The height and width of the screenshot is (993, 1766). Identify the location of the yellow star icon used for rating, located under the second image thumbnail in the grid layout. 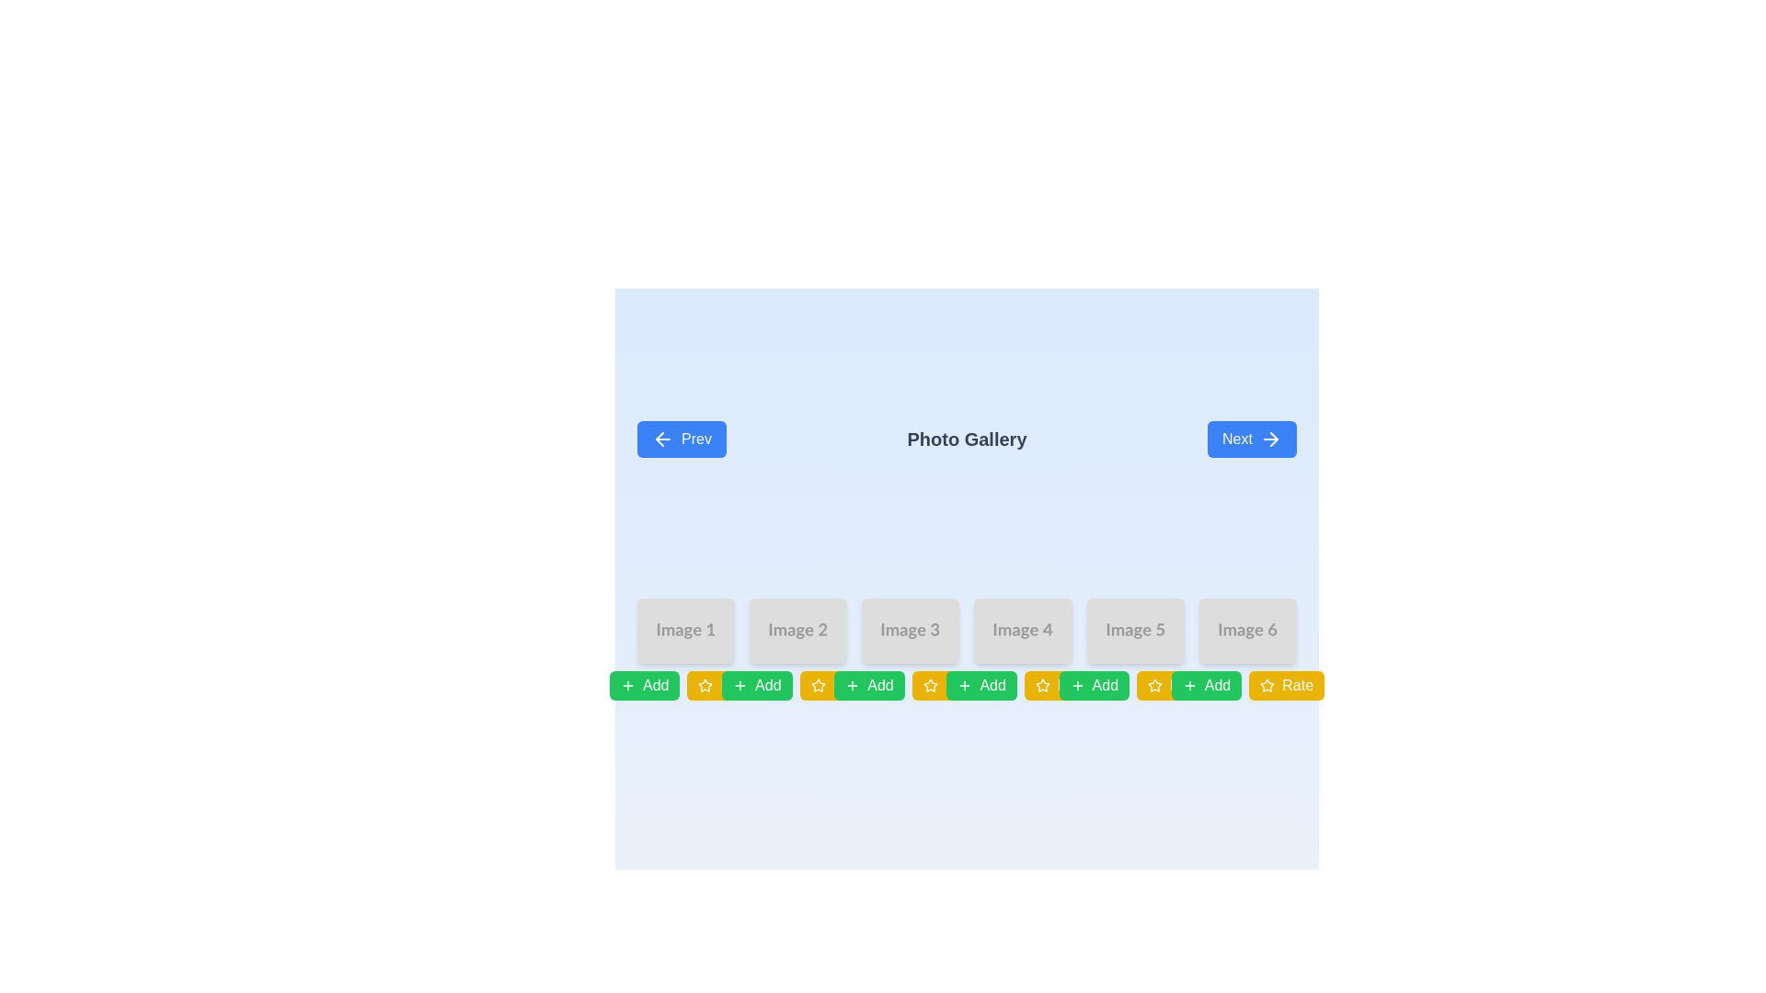
(705, 685).